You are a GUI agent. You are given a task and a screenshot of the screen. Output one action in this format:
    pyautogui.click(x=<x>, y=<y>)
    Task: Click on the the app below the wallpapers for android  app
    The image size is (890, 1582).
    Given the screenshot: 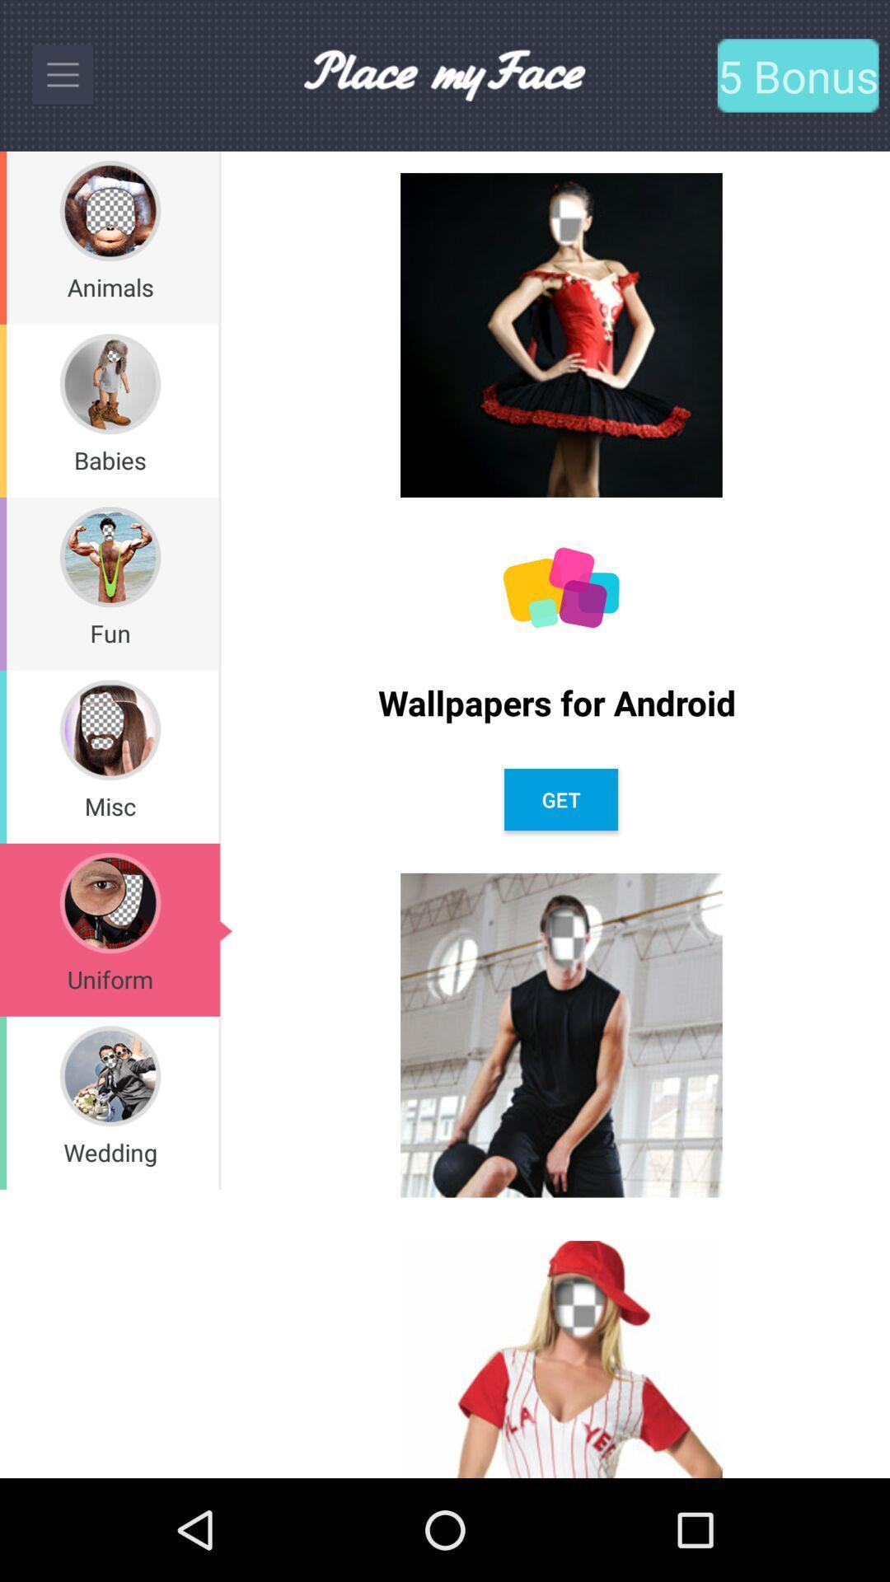 What is the action you would take?
    pyautogui.click(x=560, y=799)
    